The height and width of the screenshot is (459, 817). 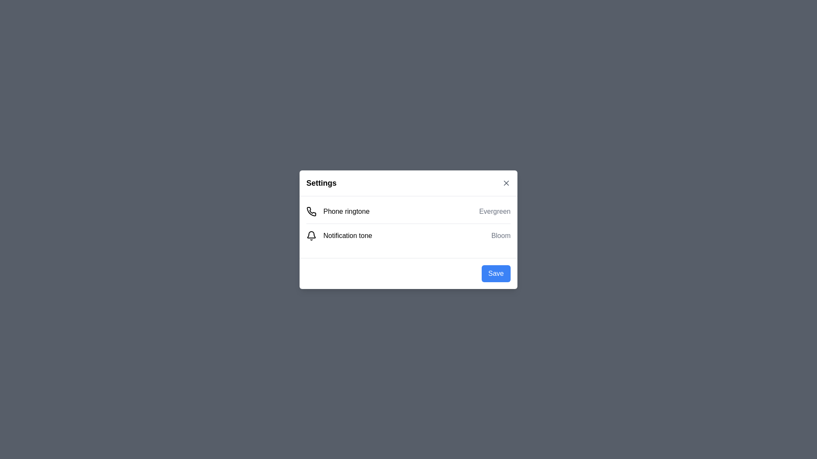 What do you see at coordinates (311, 235) in the screenshot?
I see `bell-shaped notification icon located to the far left of the 'Notification tone' label by clicking on it` at bounding box center [311, 235].